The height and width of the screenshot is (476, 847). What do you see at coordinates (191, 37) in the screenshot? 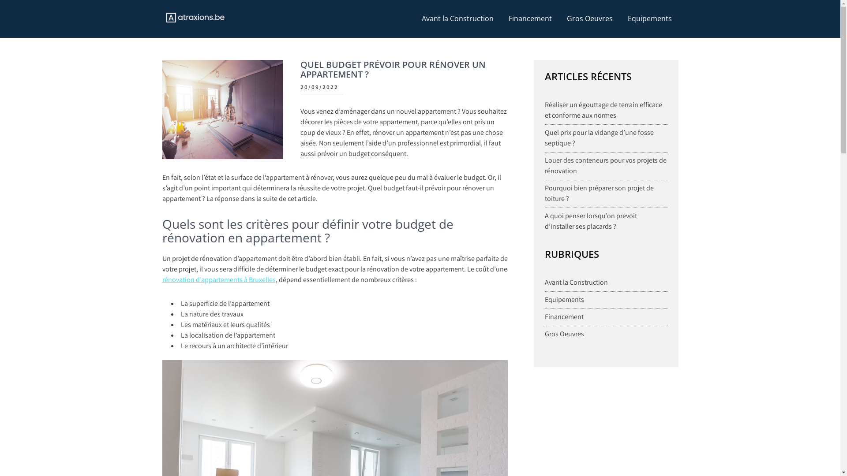
I see `'Atraxions'` at bounding box center [191, 37].